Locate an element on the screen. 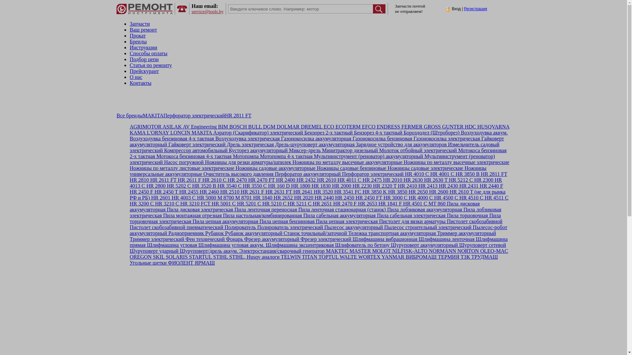 The image size is (632, 355). 'HR 2610 C' is located at coordinates (214, 180).